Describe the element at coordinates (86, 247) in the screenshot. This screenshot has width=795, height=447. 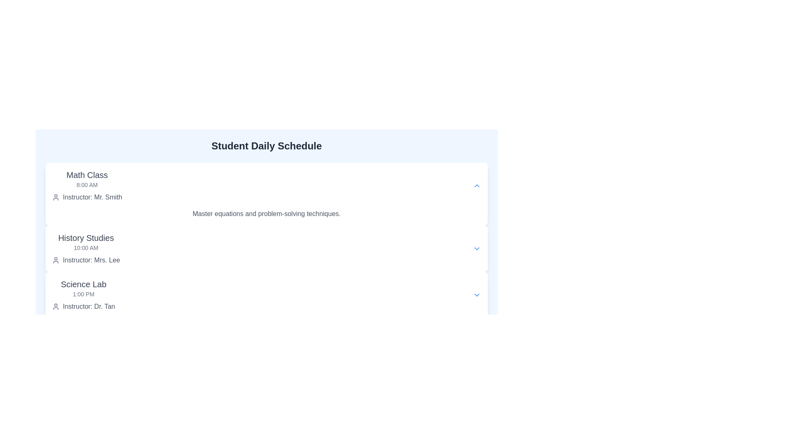
I see `the text display showing '10:00 AM' which is located under the 'History Studies' heading and above 'Instructor: Mrs. Lee'` at that location.